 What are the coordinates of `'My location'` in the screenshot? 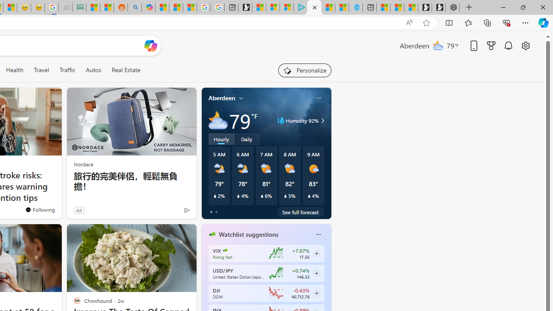 It's located at (241, 98).